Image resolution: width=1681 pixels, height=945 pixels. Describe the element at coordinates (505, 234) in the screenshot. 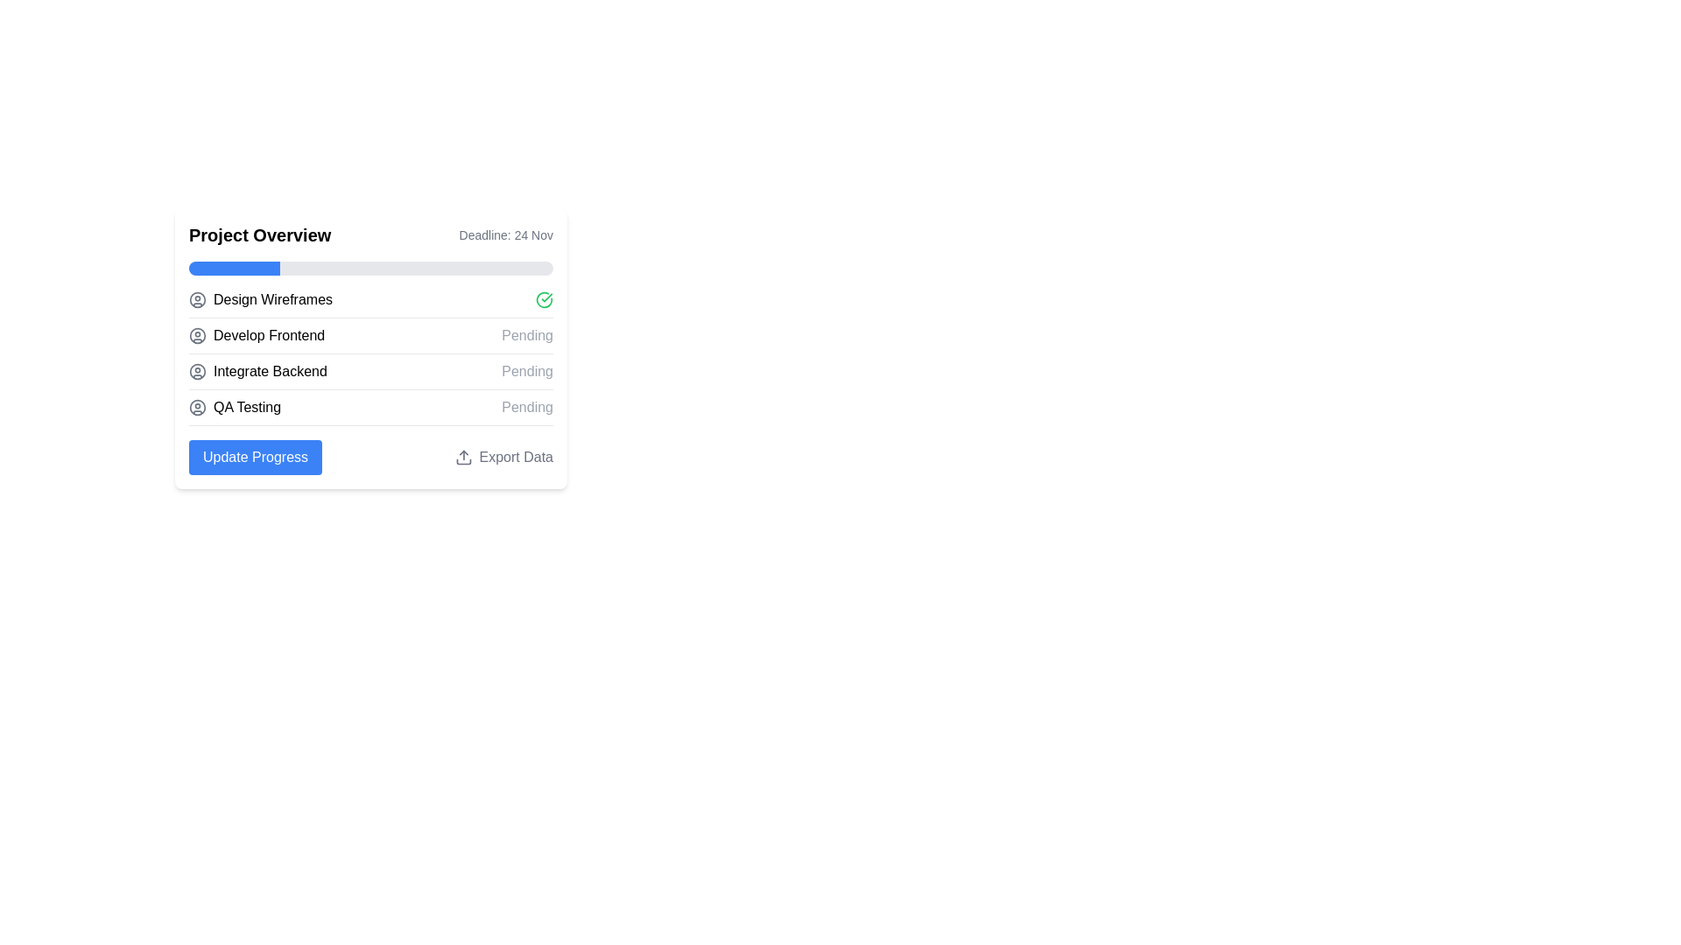

I see `the static text label element that states 'Deadline: 24 Nov', which is located adjacent to the right edge of the 'Project Overview' header` at that location.